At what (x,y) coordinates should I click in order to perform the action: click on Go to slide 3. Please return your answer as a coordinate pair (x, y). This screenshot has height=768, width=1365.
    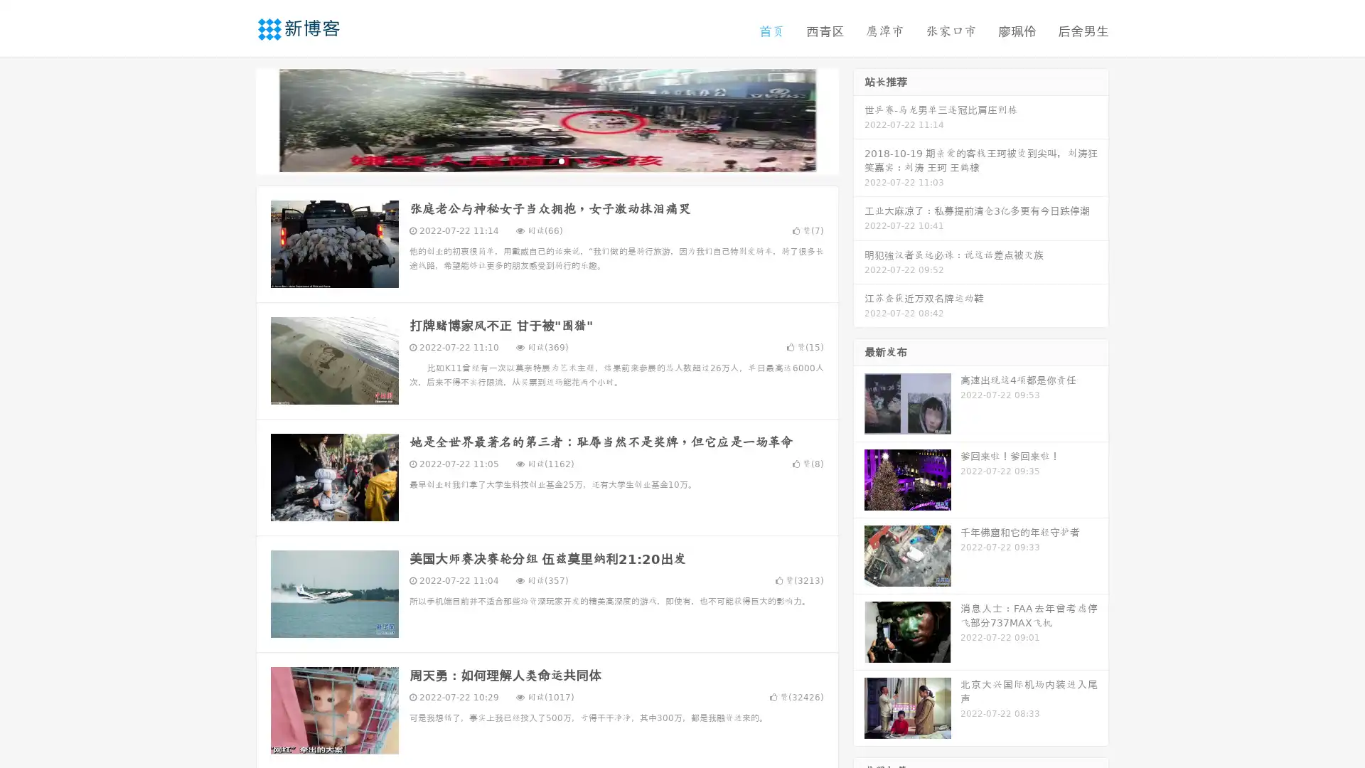
    Looking at the image, I should click on (561, 160).